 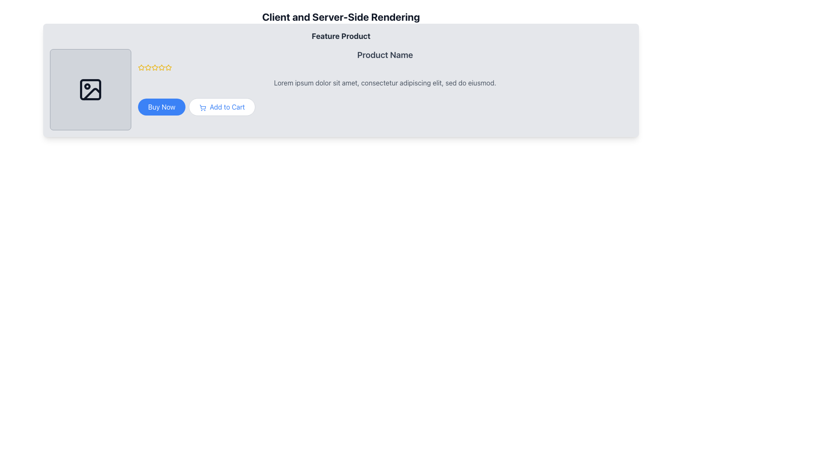 What do you see at coordinates (222, 107) in the screenshot?
I see `the button located to the right of the 'Buy Now' button, which allows users to add the associated product to their shopping cart` at bounding box center [222, 107].